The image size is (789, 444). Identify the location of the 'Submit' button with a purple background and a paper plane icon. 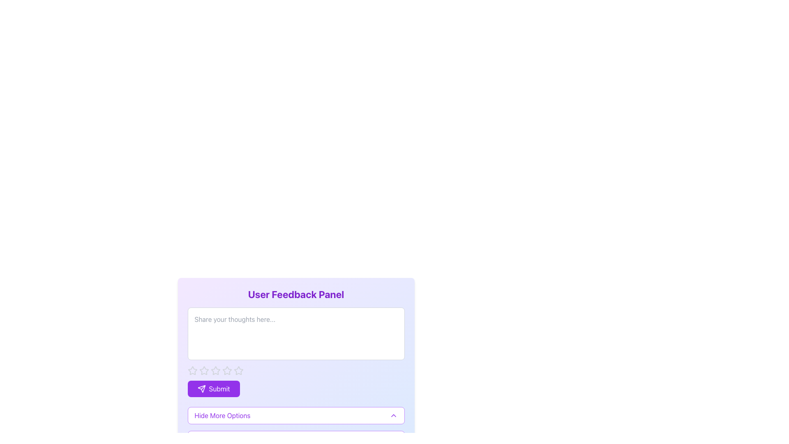
(214, 388).